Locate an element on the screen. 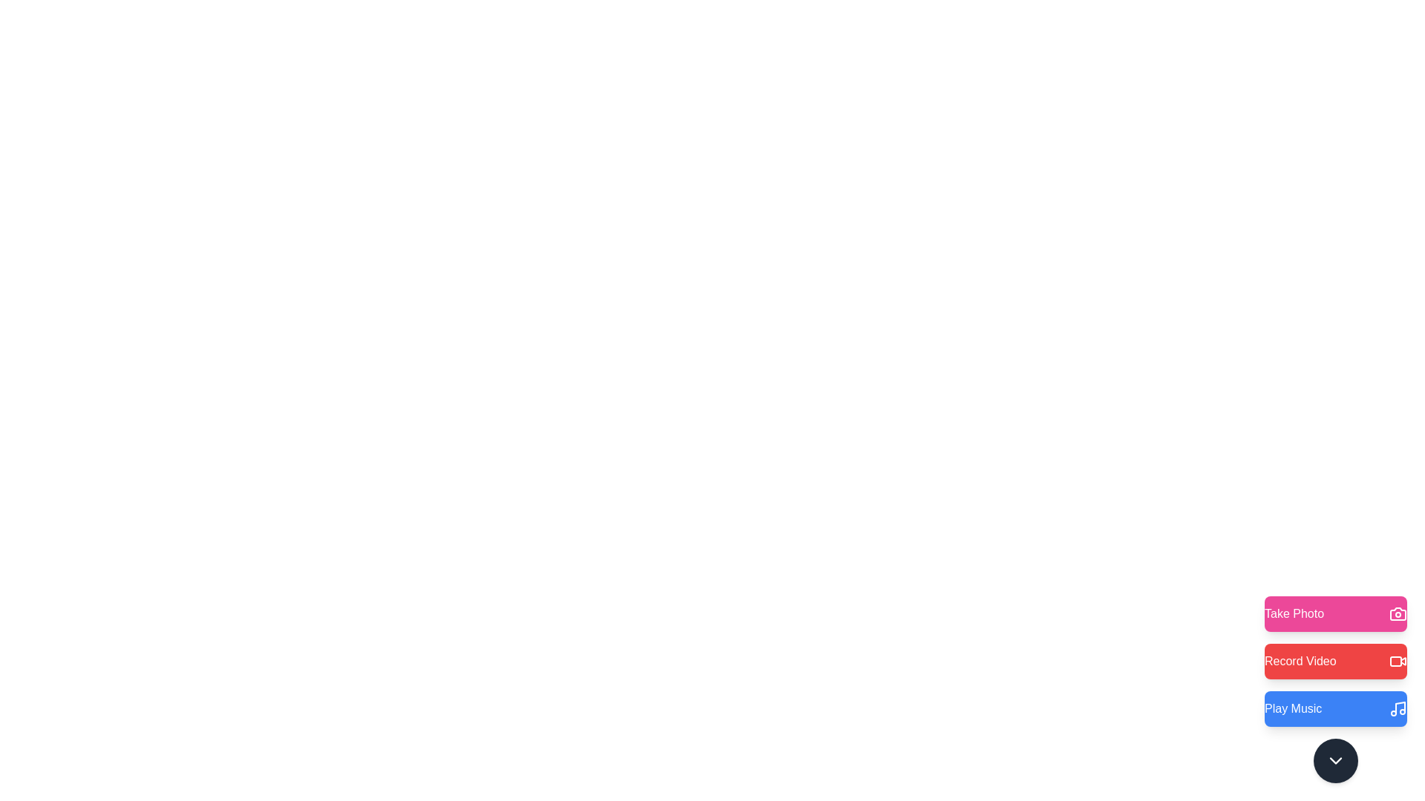 The image size is (1425, 801). button with the downward chevron icon to collapse the menu is located at coordinates (1336, 761).